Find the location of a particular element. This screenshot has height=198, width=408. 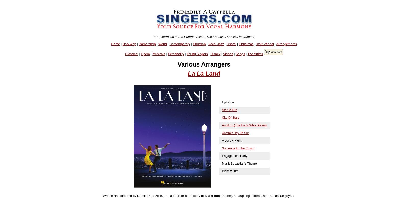

'City Of Stars' is located at coordinates (230, 118).